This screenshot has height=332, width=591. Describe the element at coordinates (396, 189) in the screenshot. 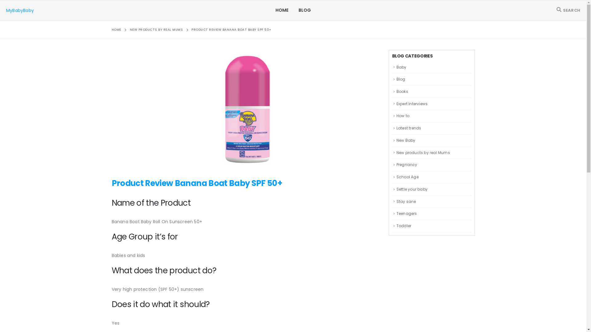

I see `'Settle your baby'` at that location.